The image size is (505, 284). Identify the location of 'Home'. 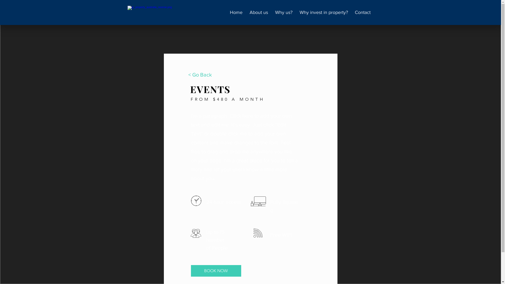
(235, 12).